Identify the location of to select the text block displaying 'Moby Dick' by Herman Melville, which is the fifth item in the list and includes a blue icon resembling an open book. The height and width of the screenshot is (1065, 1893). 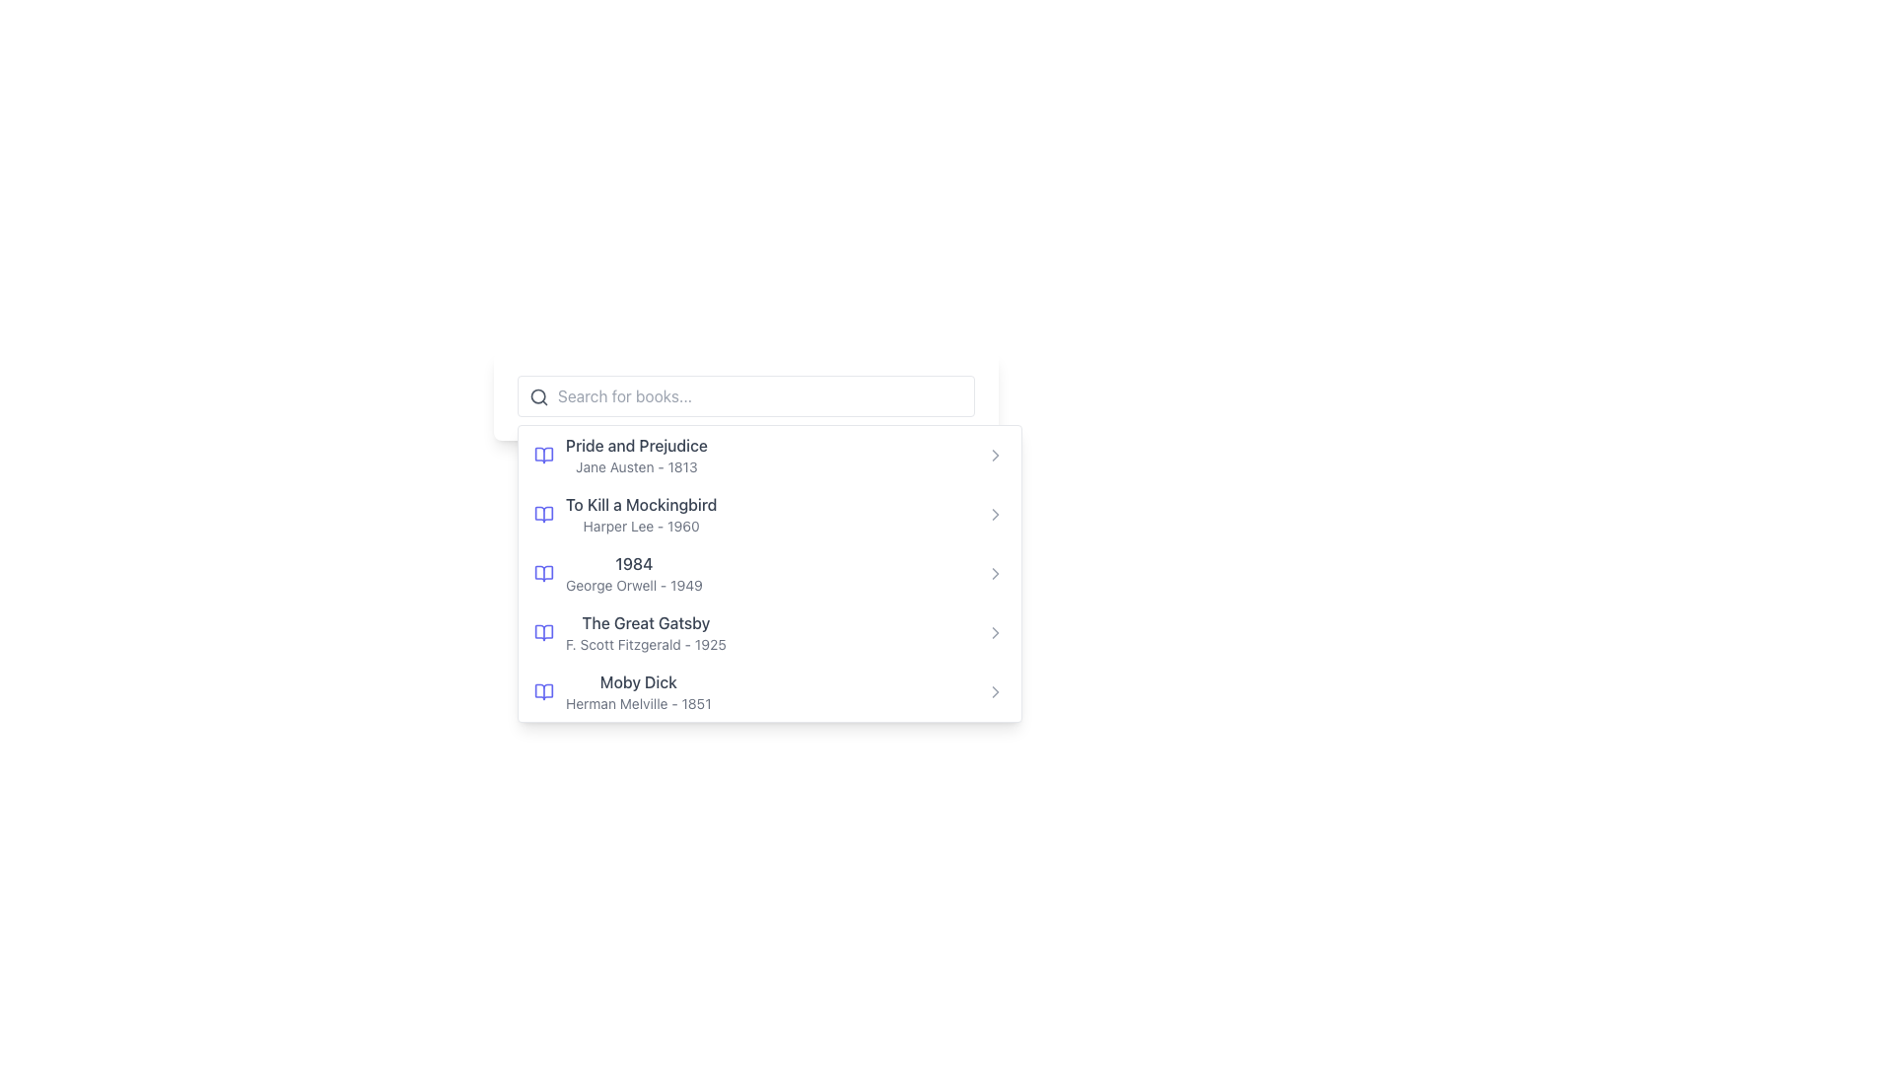
(621, 691).